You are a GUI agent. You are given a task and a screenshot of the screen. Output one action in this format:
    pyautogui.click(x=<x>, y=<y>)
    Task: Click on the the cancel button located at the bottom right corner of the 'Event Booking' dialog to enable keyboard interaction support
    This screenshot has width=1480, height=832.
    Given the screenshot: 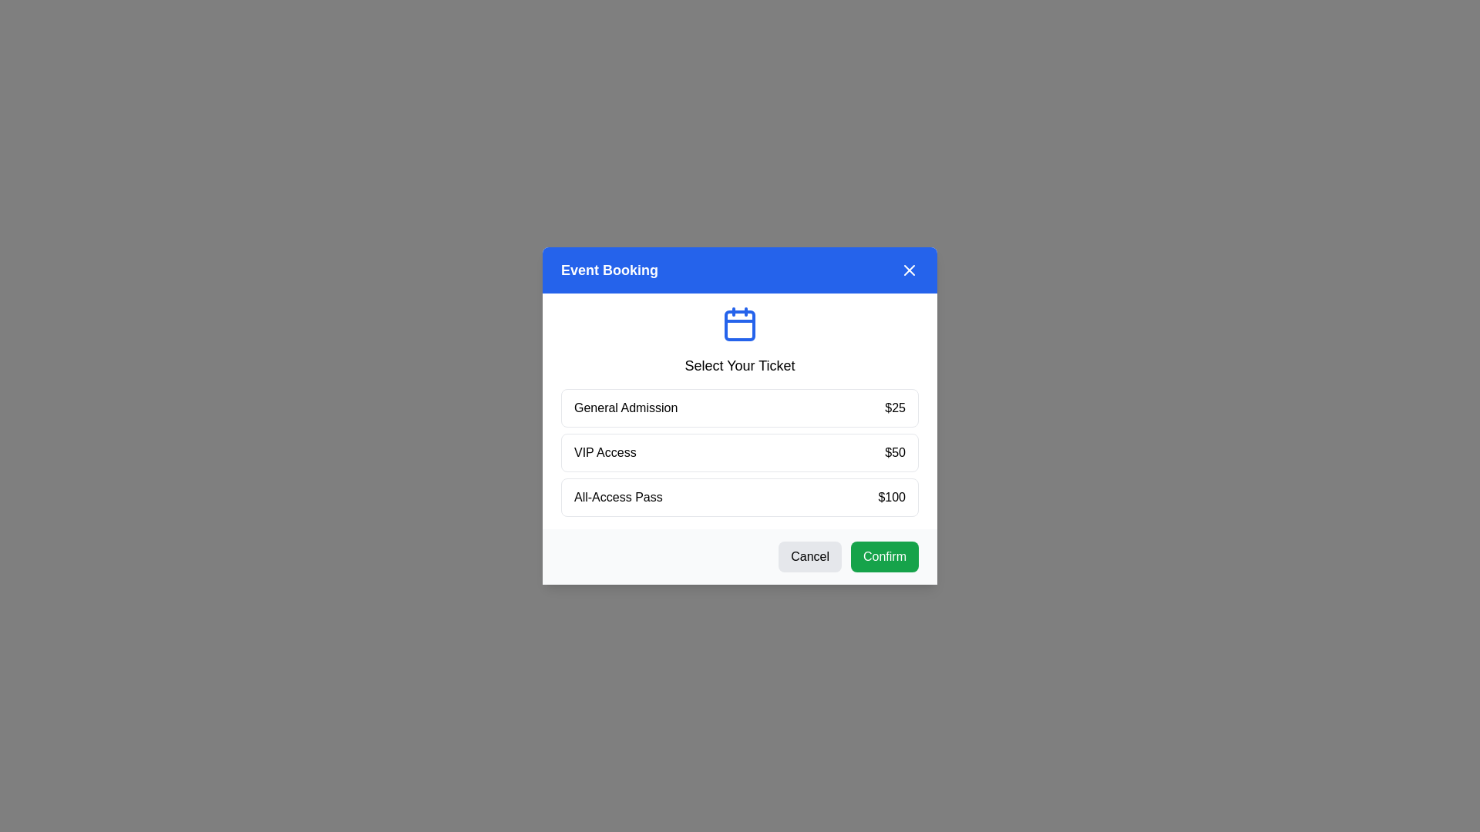 What is the action you would take?
    pyautogui.click(x=809, y=556)
    